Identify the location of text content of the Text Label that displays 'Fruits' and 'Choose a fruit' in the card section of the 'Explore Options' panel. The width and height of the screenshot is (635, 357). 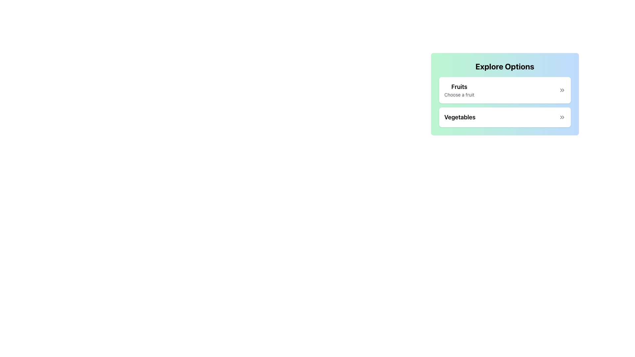
(459, 90).